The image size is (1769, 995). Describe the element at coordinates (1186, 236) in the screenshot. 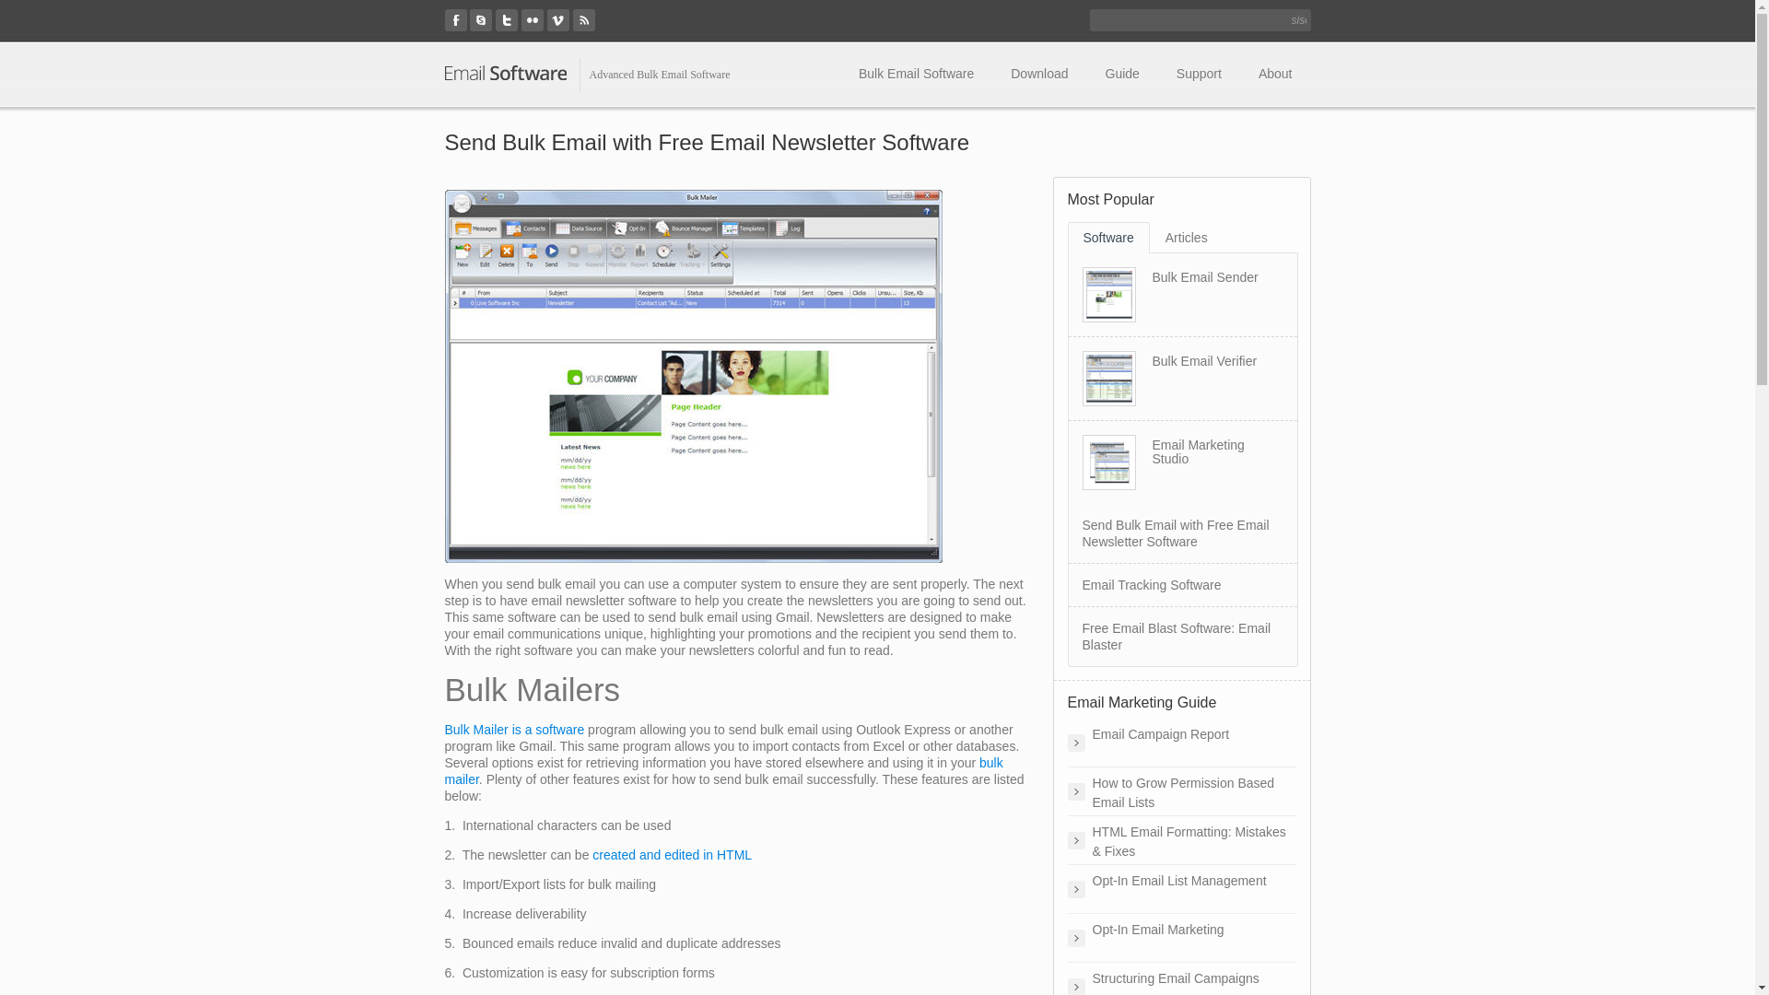

I see `'Articles'` at that location.